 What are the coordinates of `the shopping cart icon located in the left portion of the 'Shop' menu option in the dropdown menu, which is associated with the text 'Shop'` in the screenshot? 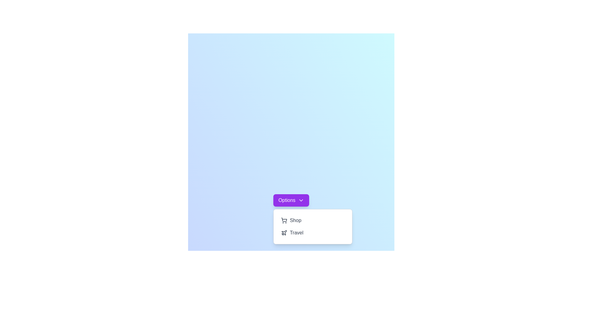 It's located at (284, 220).